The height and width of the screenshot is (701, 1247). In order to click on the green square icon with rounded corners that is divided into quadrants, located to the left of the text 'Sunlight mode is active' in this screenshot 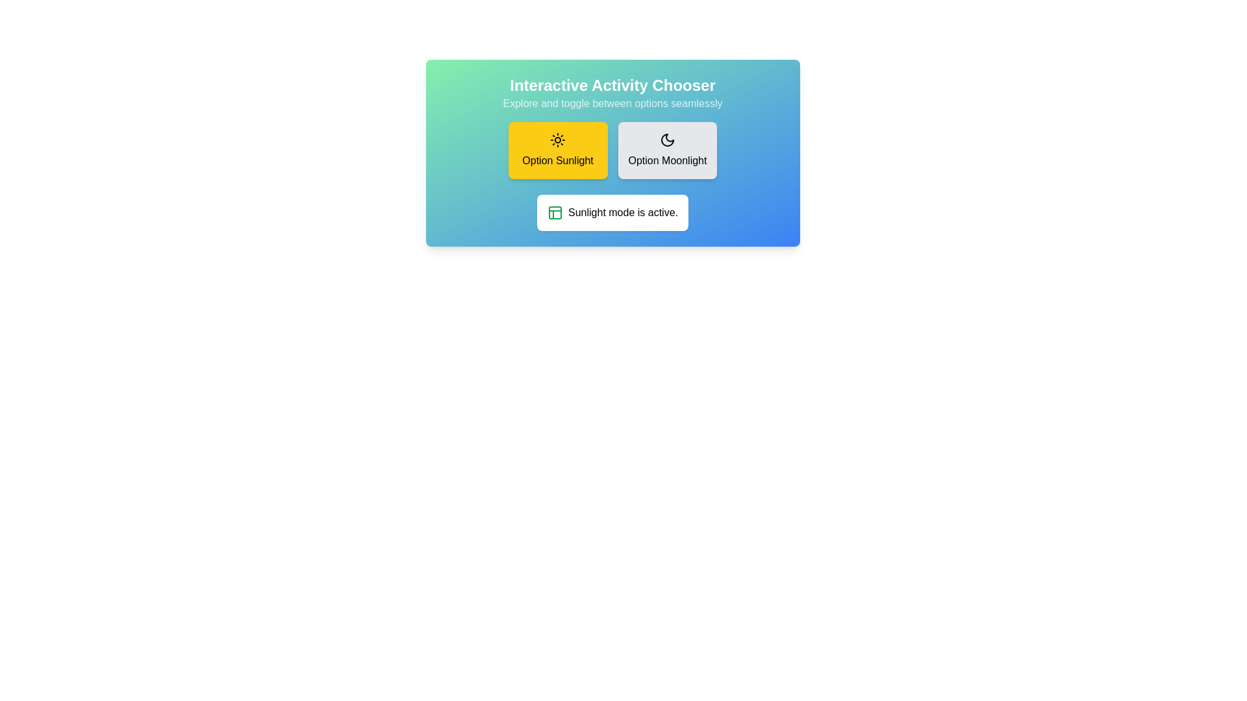, I will do `click(555, 212)`.